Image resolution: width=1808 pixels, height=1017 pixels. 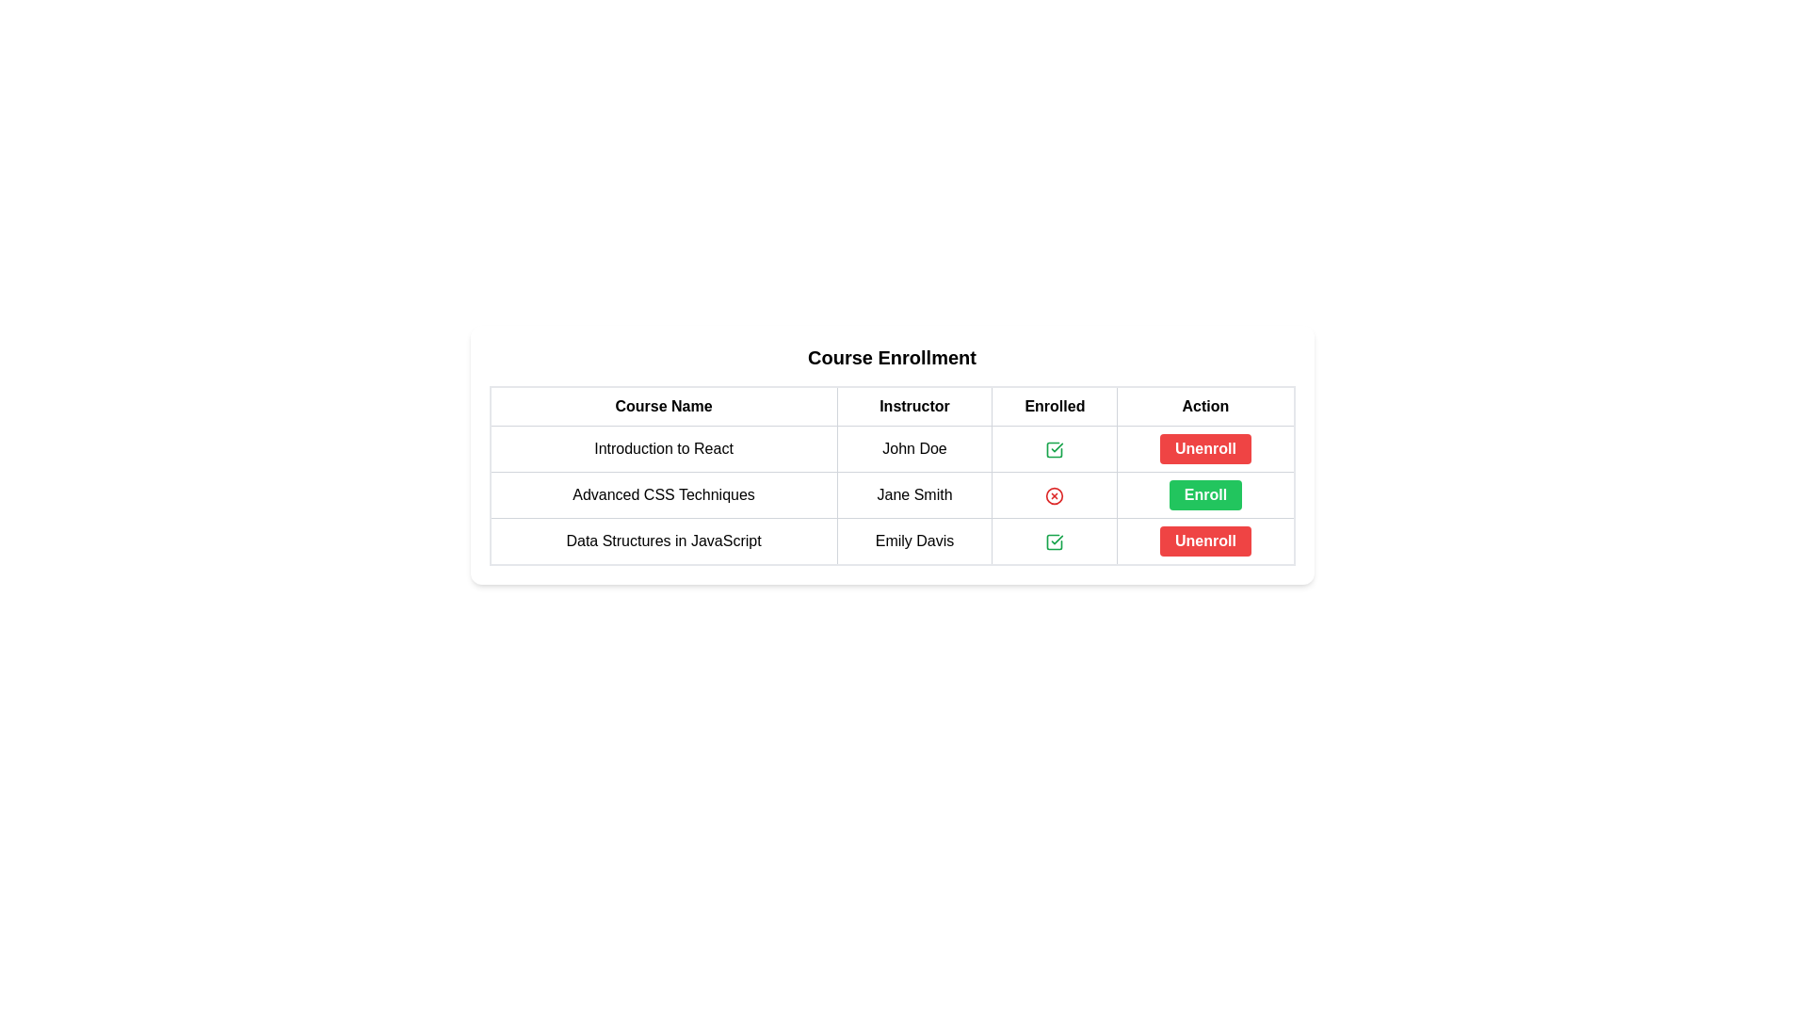 I want to click on the green 'Enroll' button with white text in the 'Action' column of the second row of the 'Course Enrollment' table to enroll in the 'Advanced CSS Techniques' course, so click(x=1205, y=493).